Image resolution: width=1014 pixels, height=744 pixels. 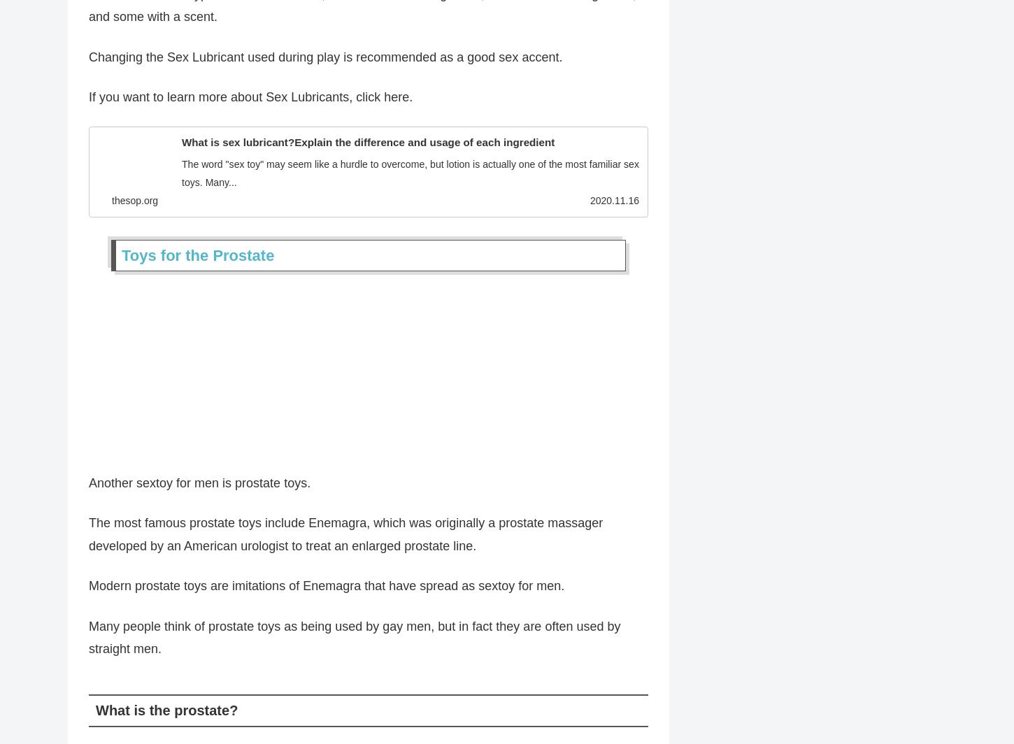 I want to click on 'Many people think of prostate toys as being used by gay men, but in fact they are often used by straight men.', so click(x=355, y=642).